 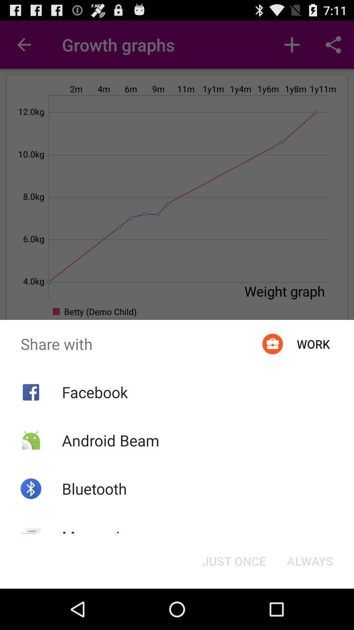 I want to click on item to the left of always icon, so click(x=234, y=560).